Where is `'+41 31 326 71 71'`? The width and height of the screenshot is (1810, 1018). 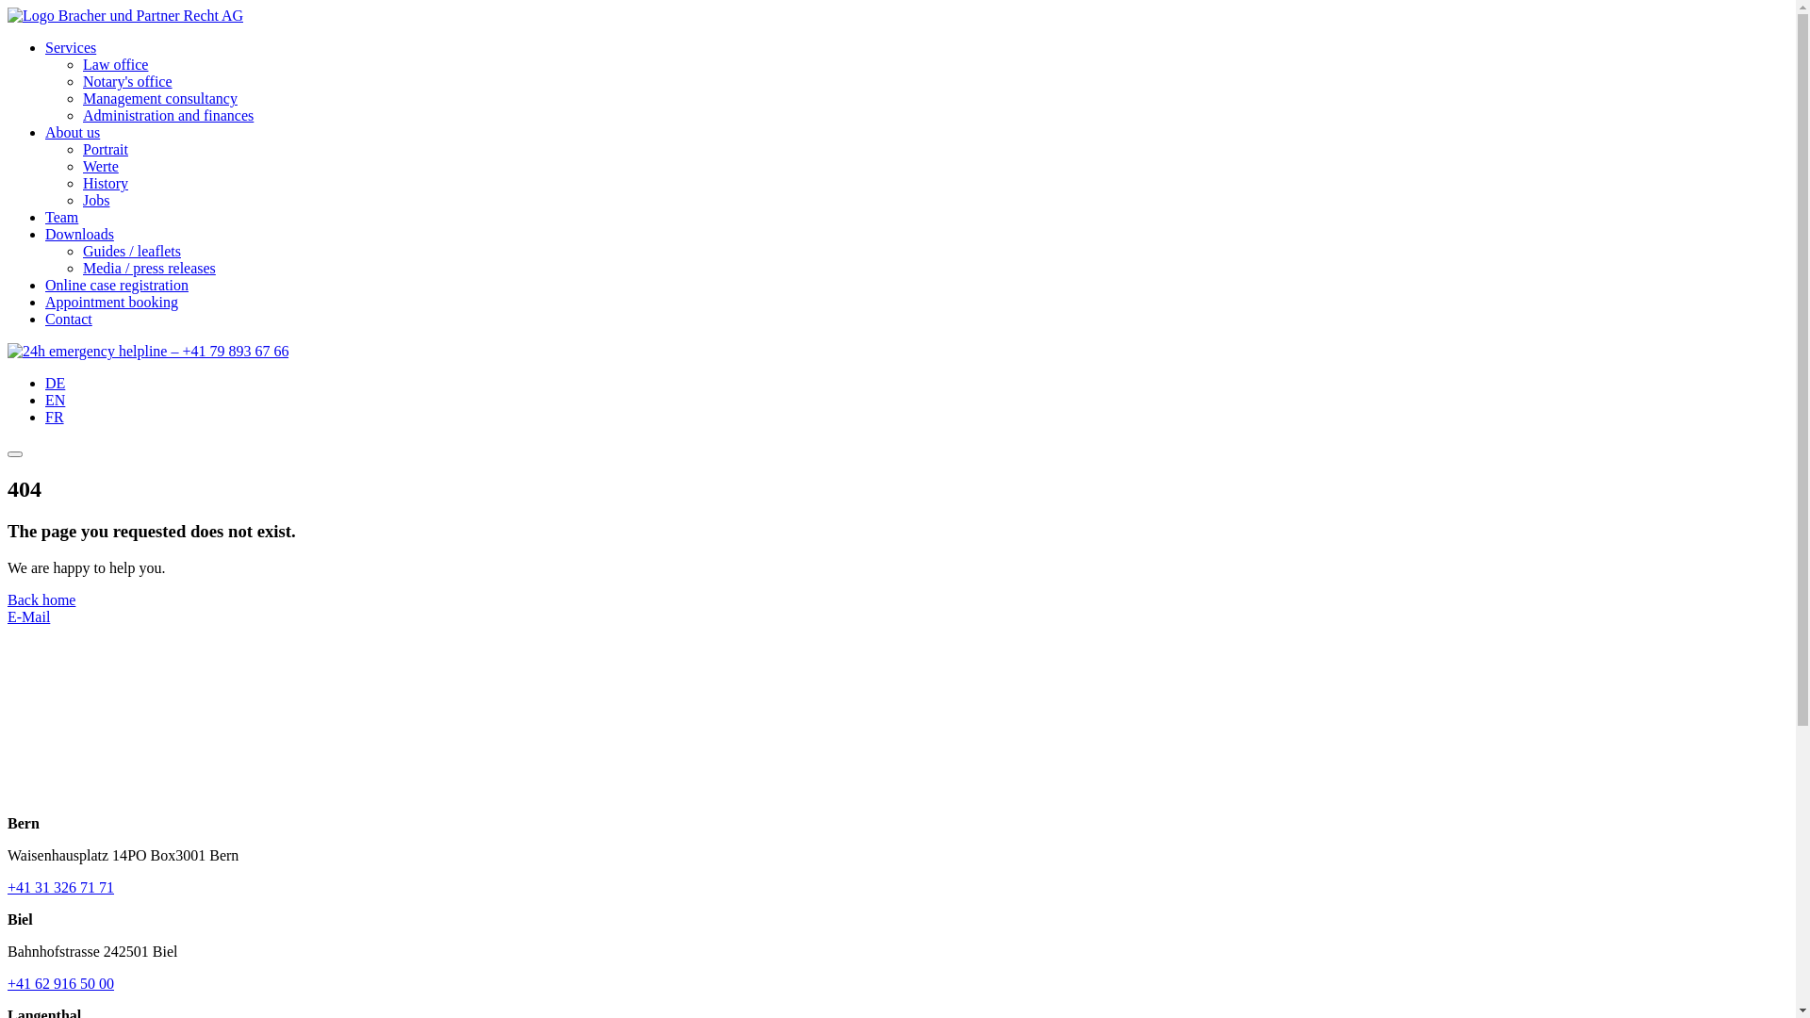
'+41 31 326 71 71' is located at coordinates (60, 887).